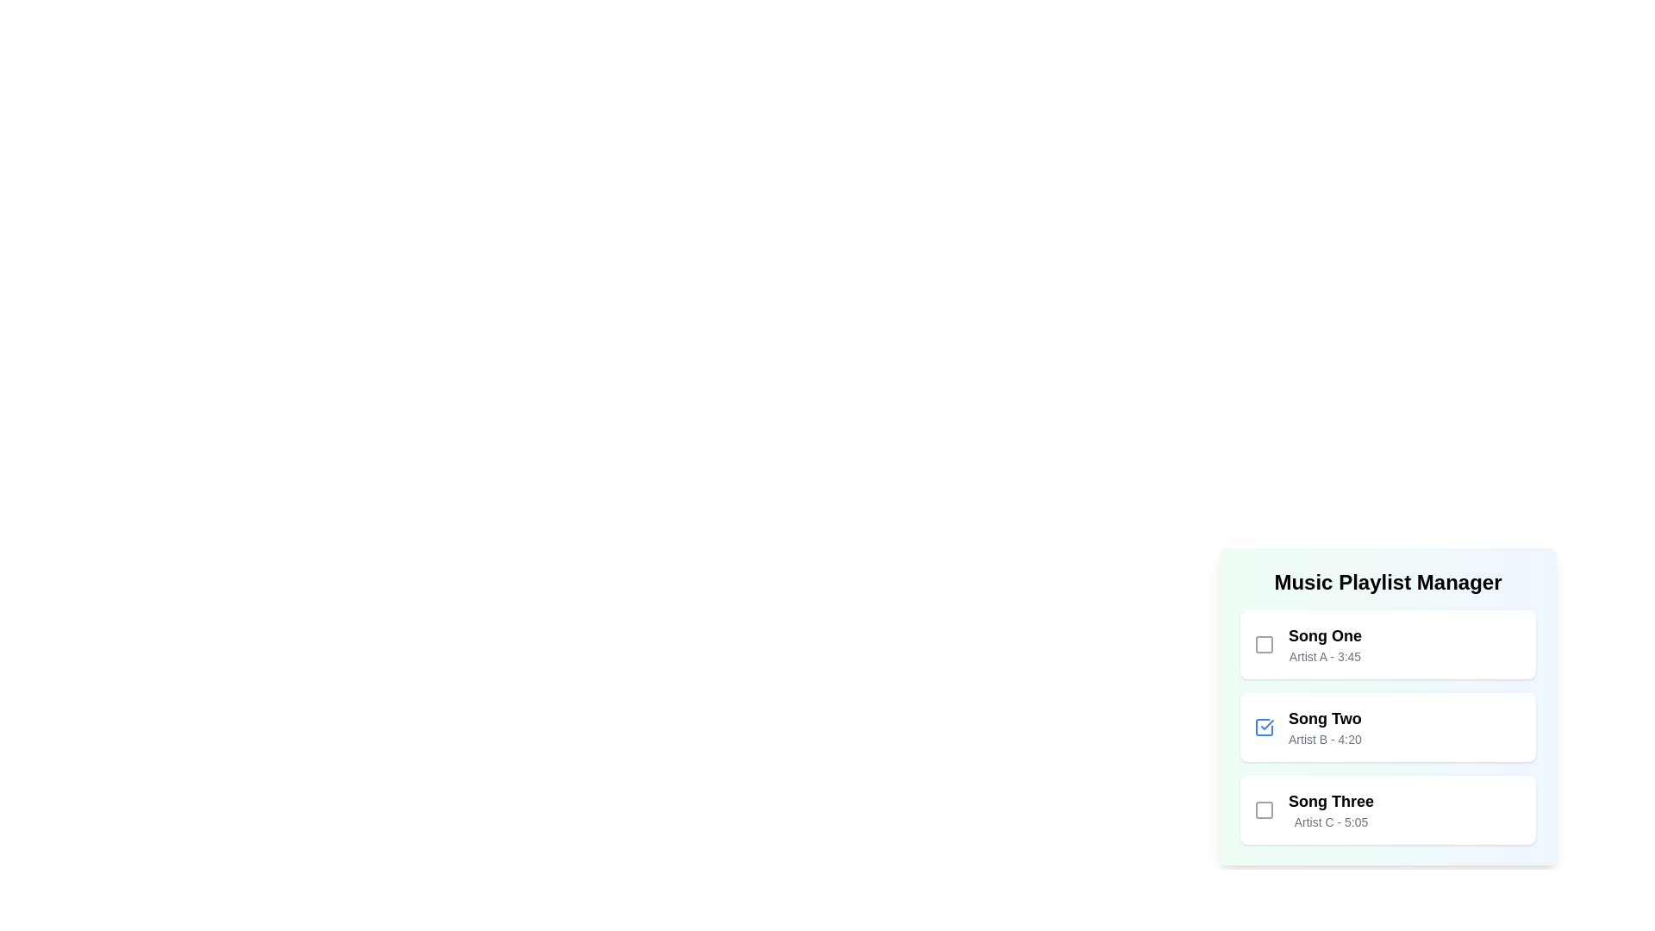 This screenshot has height=931, width=1655. What do you see at coordinates (1324, 657) in the screenshot?
I see `the text label displaying 'Artist A - 3:45', which is positioned directly beneath the song title 'Song One' in the Music Playlist Manager interface` at bounding box center [1324, 657].